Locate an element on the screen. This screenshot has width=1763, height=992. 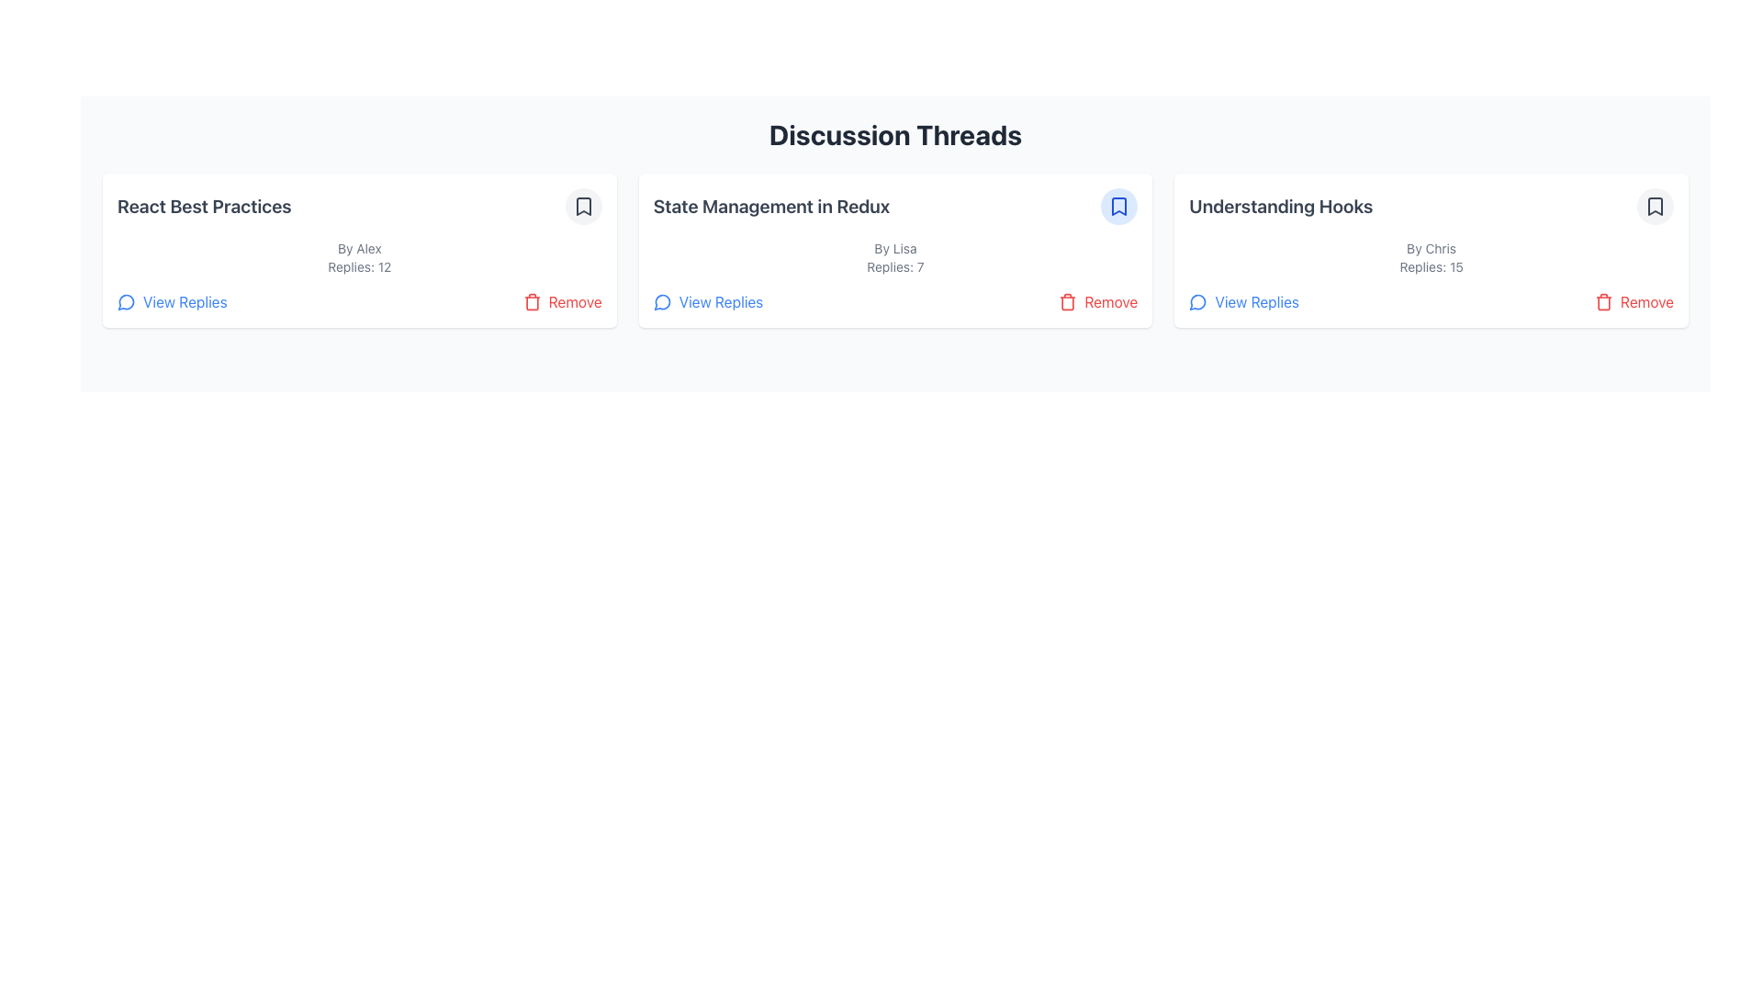
the appearance of the small circular chat bubble icon styled with a simple line design, located to the left of the 'View Replies' text in the 'React Best Practices' card section is located at coordinates (126, 300).